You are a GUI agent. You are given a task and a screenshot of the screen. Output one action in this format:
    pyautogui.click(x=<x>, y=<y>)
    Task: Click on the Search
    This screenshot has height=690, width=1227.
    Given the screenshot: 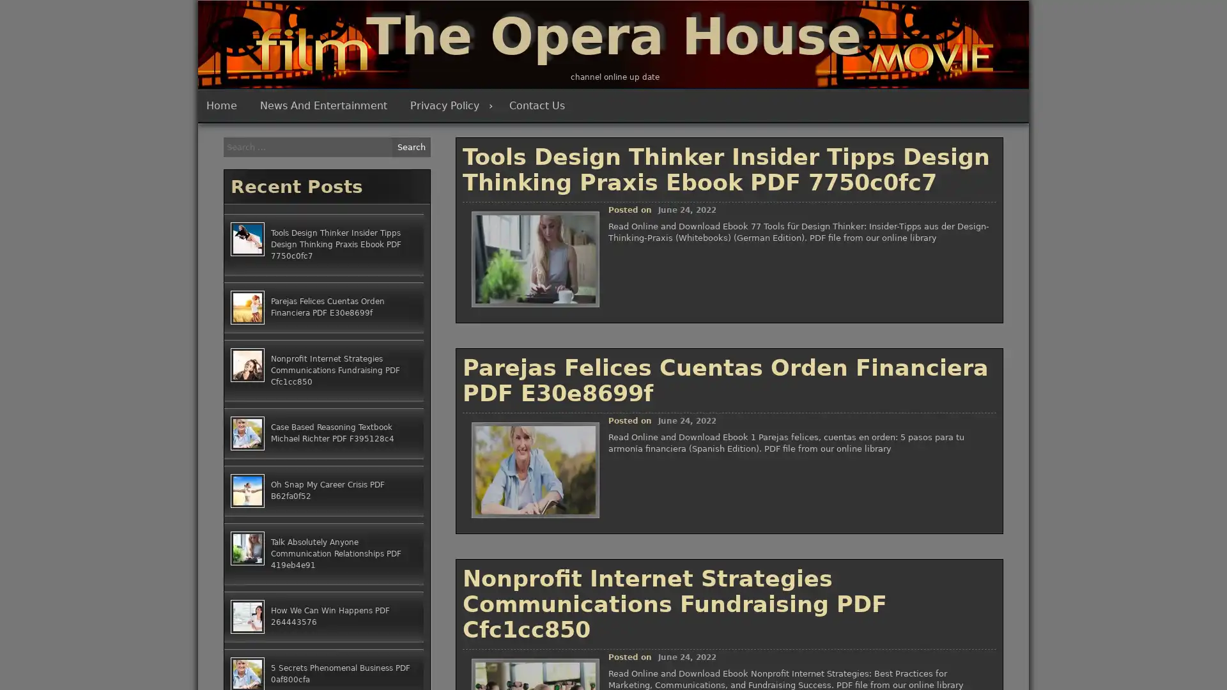 What is the action you would take?
    pyautogui.click(x=411, y=146)
    